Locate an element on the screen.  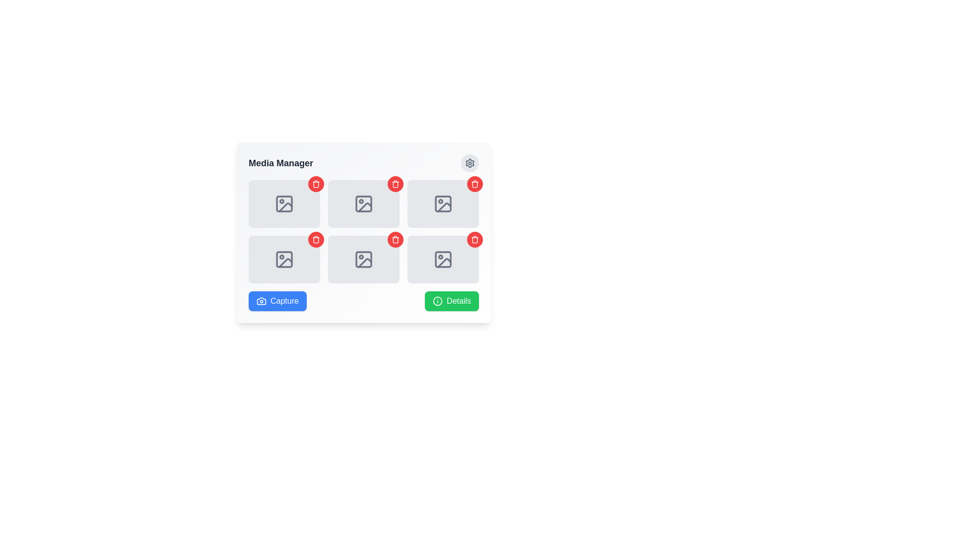
the image upload icon located in the bottom-left position of the 2x3 grid layout within the 'Media Manager' section is located at coordinates (283, 259).